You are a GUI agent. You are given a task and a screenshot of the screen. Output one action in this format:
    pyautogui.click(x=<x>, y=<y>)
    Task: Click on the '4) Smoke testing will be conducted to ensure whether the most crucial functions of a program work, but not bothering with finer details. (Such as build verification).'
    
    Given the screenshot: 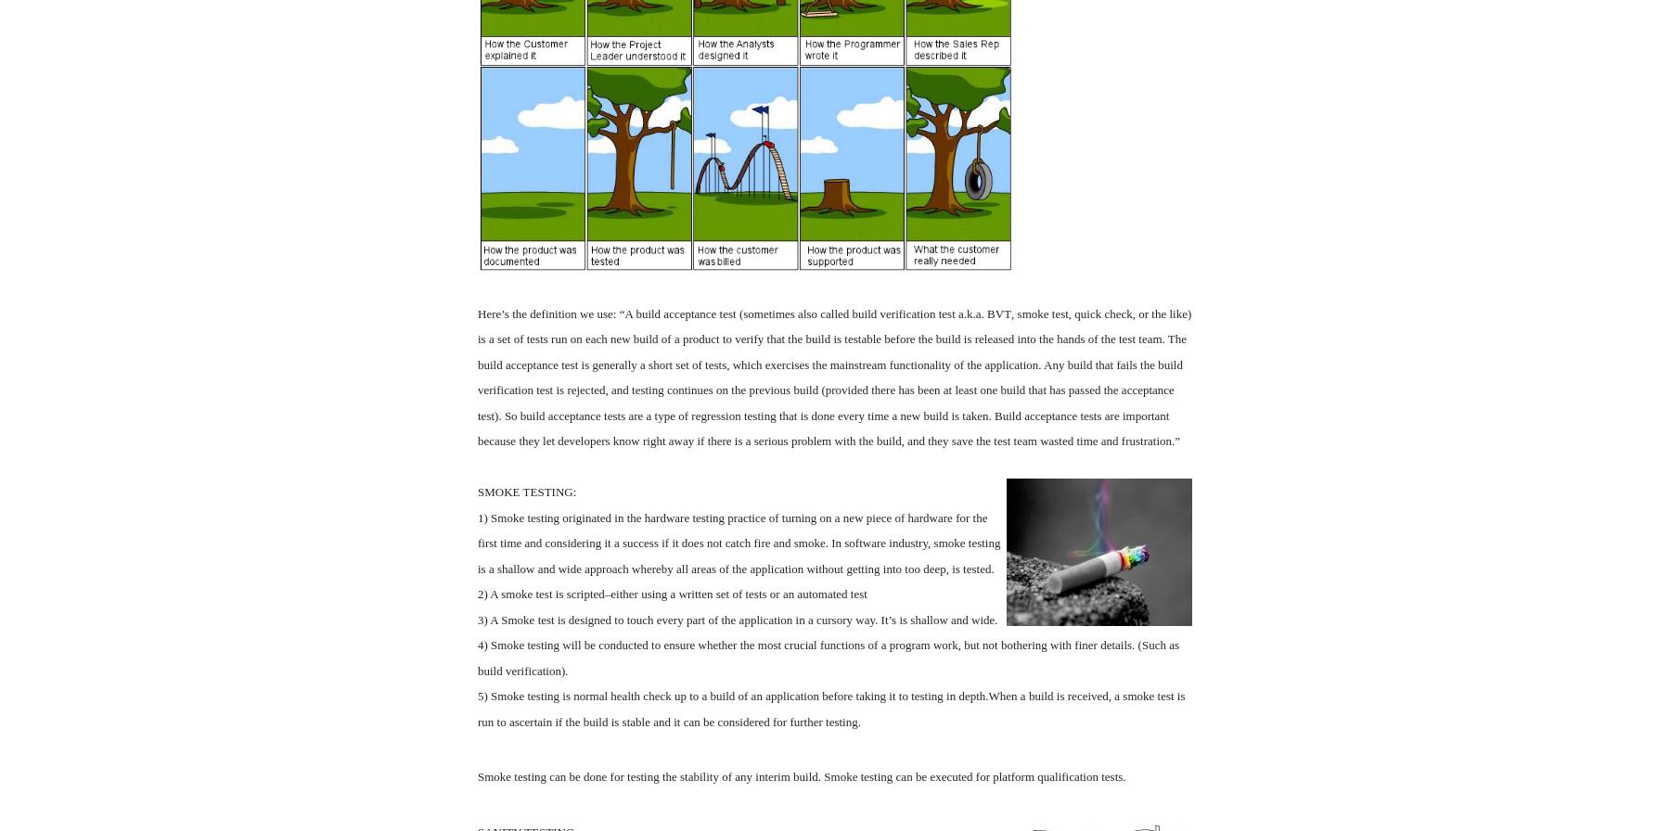 What is the action you would take?
    pyautogui.click(x=828, y=658)
    